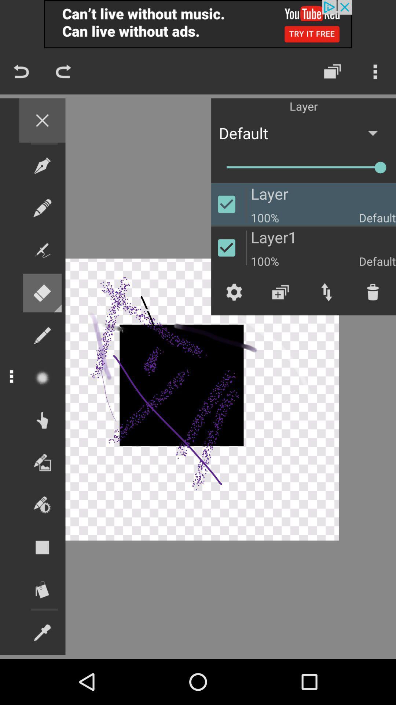 The height and width of the screenshot is (705, 396). I want to click on the delete icon, so click(42, 292).